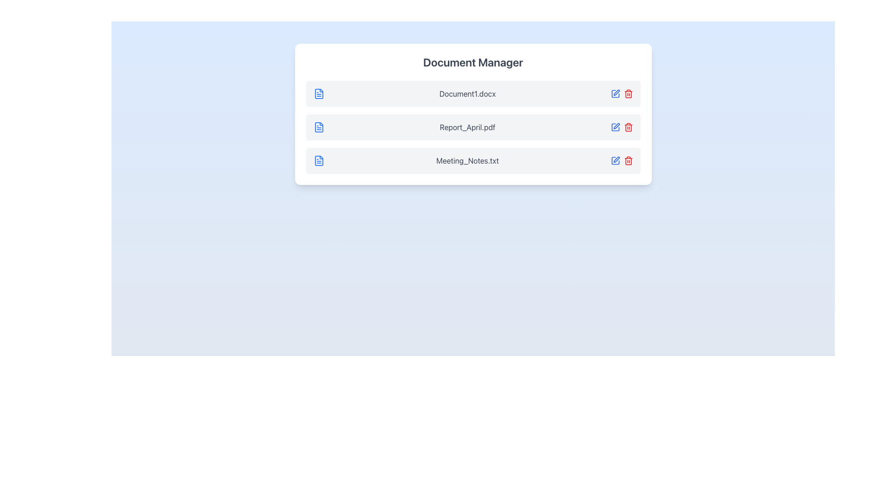 This screenshot has height=502, width=892. What do you see at coordinates (467, 93) in the screenshot?
I see `the text label that identifies the name of a file within the 'Document Manager' section` at bounding box center [467, 93].